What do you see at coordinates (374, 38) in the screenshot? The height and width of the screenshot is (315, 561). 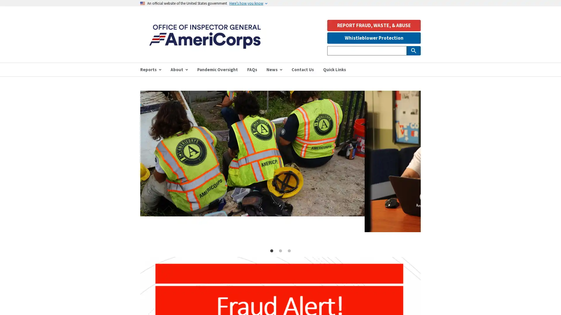 I see `Whistleblower Protection` at bounding box center [374, 38].